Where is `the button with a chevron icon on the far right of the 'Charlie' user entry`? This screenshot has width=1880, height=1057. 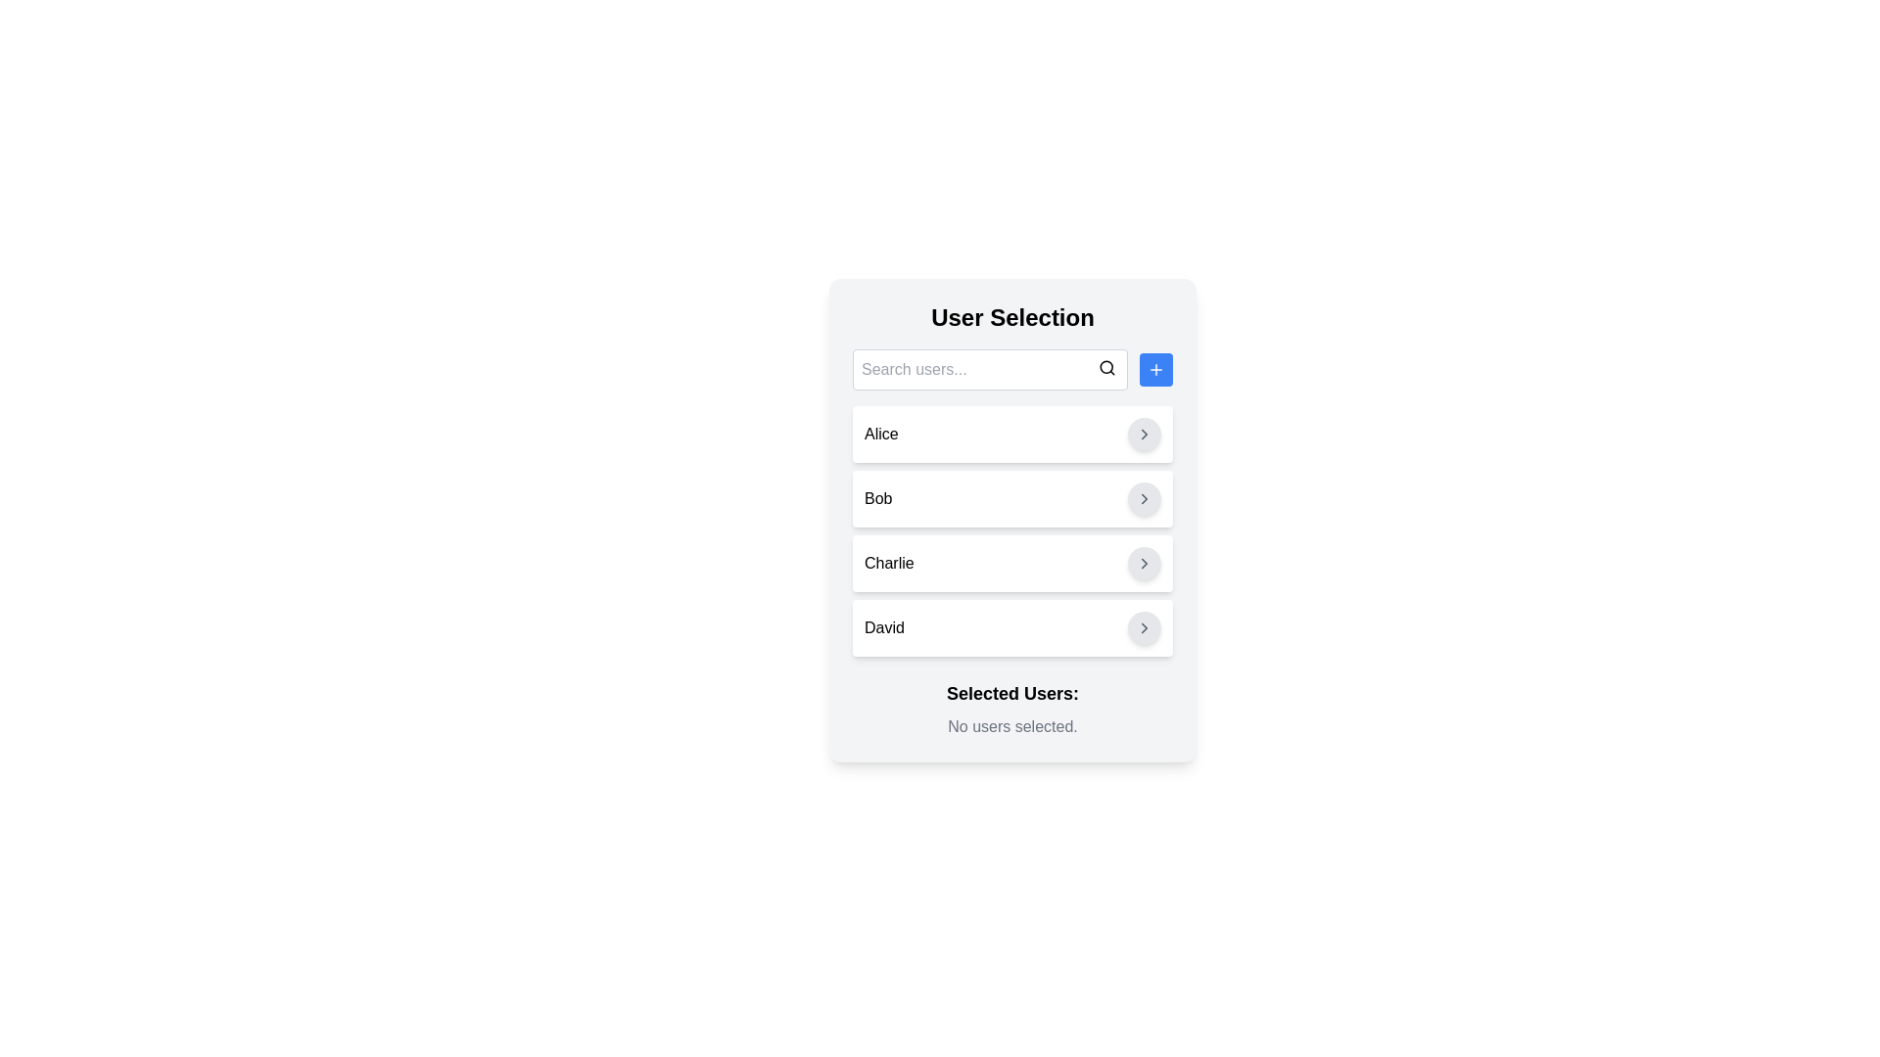
the button with a chevron icon on the far right of the 'Charlie' user entry is located at coordinates (1145, 563).